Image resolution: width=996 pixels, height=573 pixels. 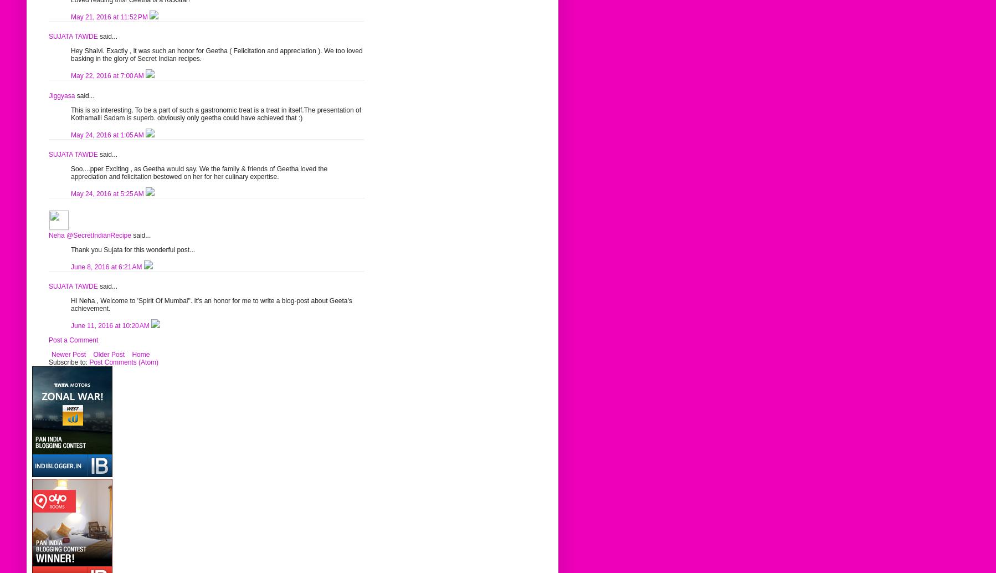 What do you see at coordinates (211, 304) in the screenshot?
I see `'Hi Neha , Welcome to 'Spirit Of Mumbai". It's an honor for me to write a blog-post about Geeta's achievement.'` at bounding box center [211, 304].